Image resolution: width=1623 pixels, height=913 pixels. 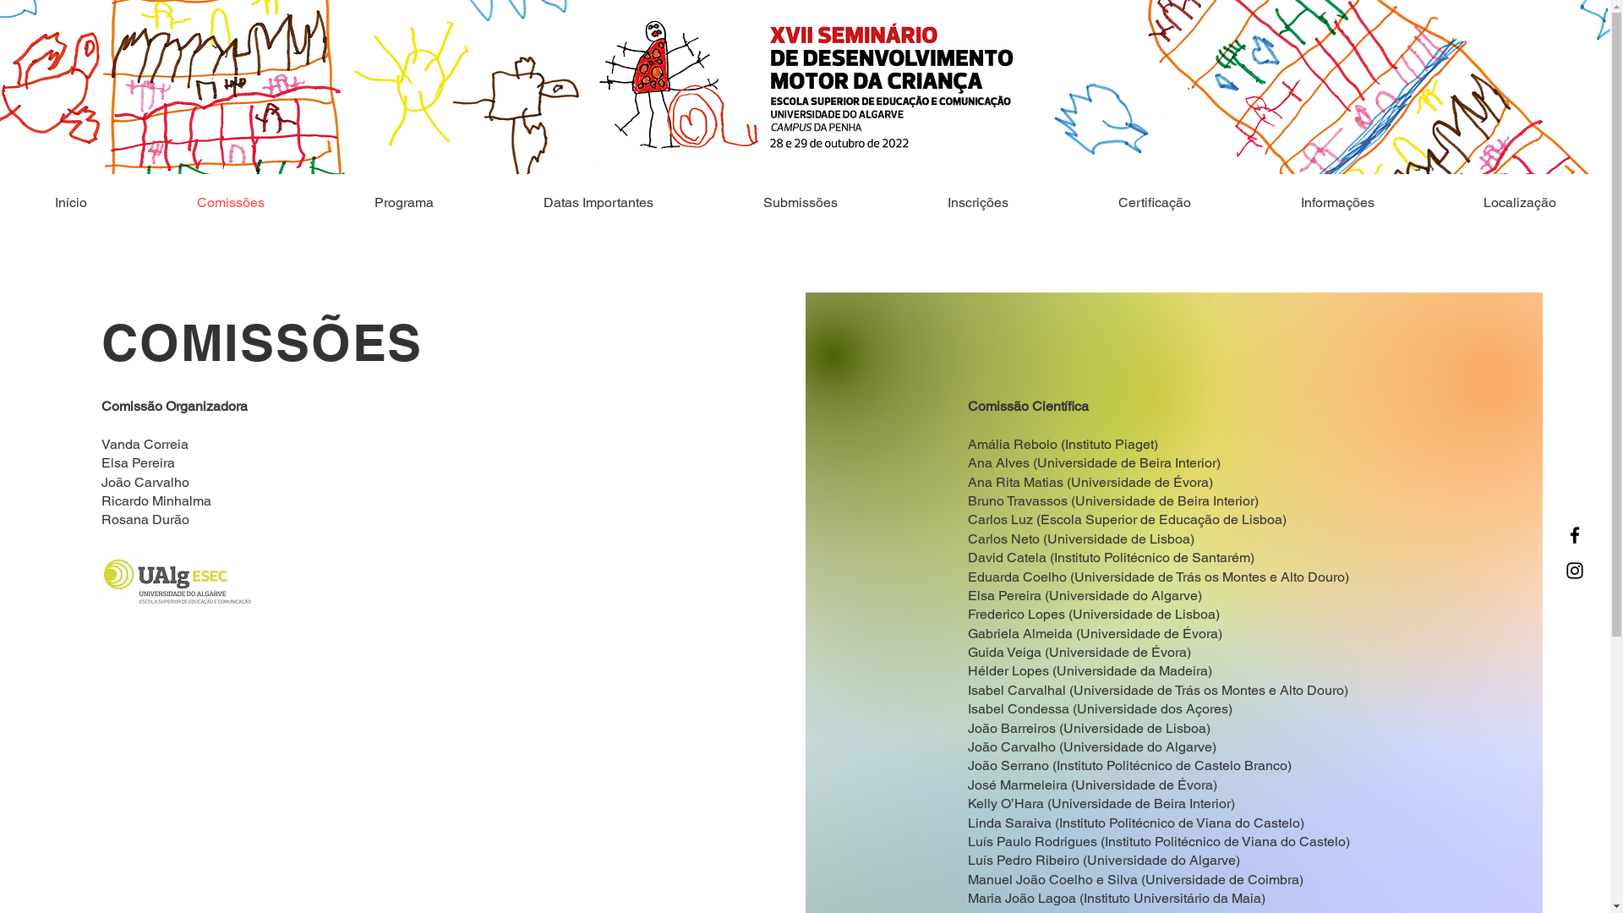 What do you see at coordinates (598, 201) in the screenshot?
I see `'Datas Importantes'` at bounding box center [598, 201].